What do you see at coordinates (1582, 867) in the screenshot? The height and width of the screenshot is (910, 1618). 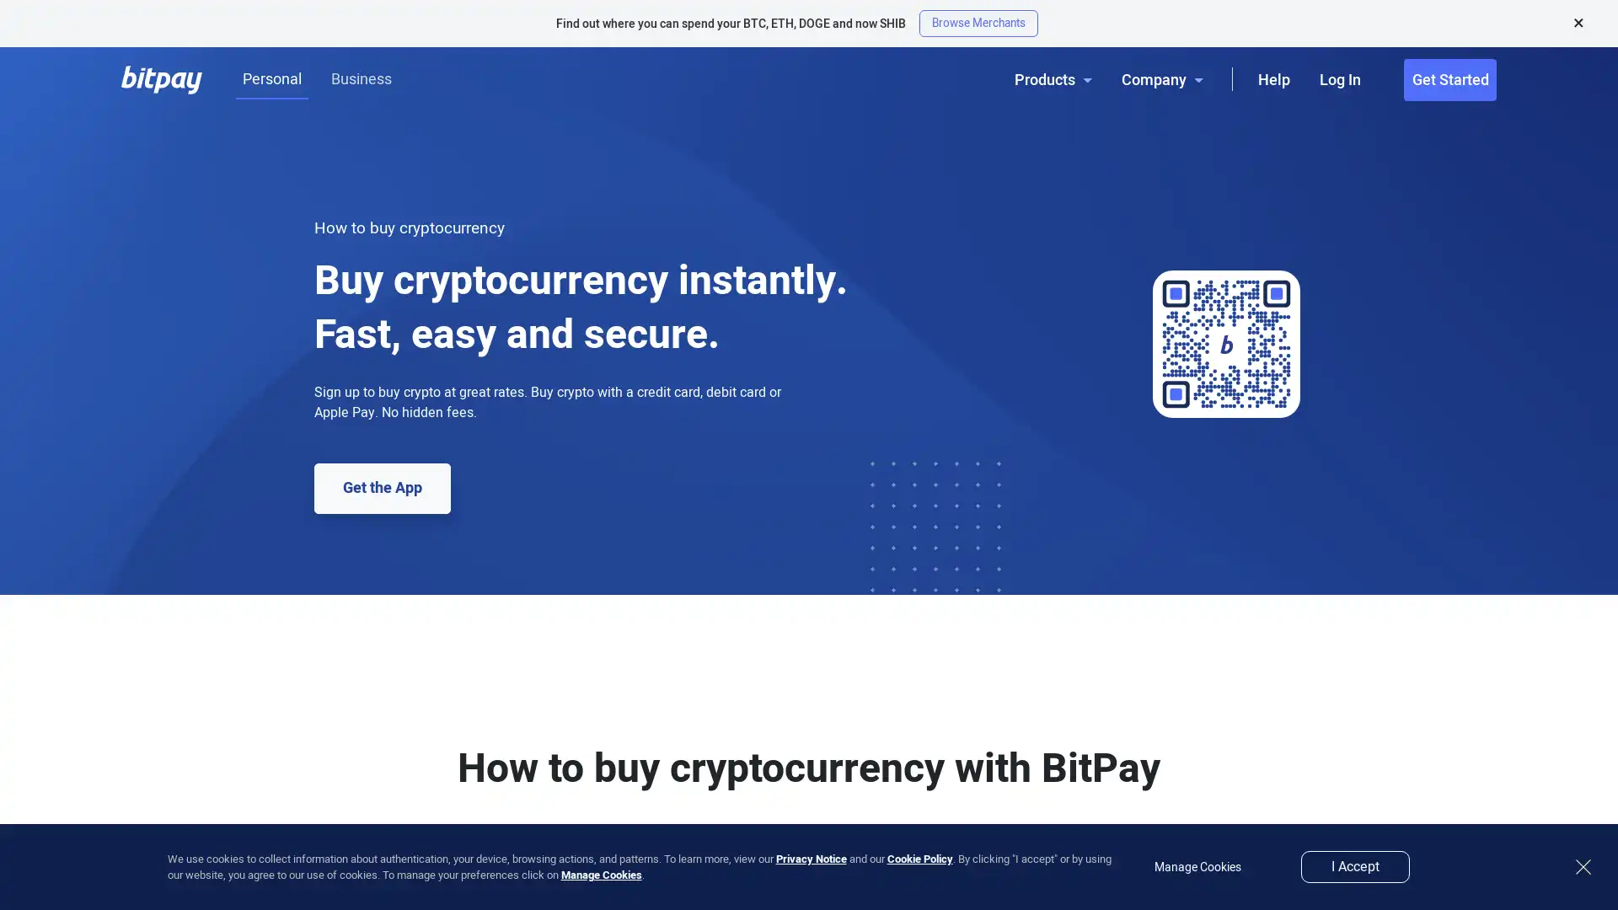 I see `close button` at bounding box center [1582, 867].